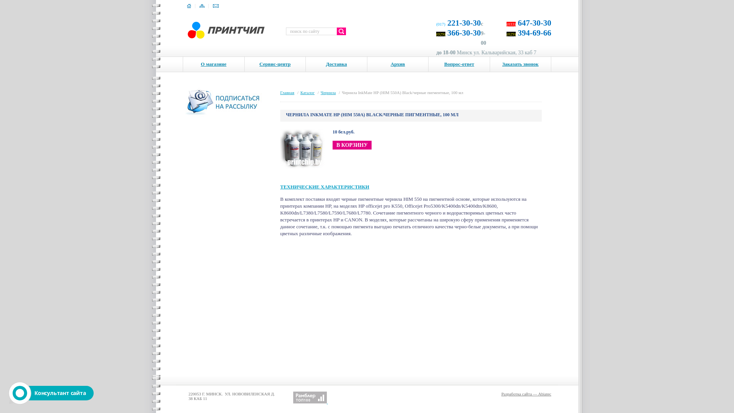 The image size is (734, 413). What do you see at coordinates (310, 397) in the screenshot?
I see `'Rambler's Top100'` at bounding box center [310, 397].